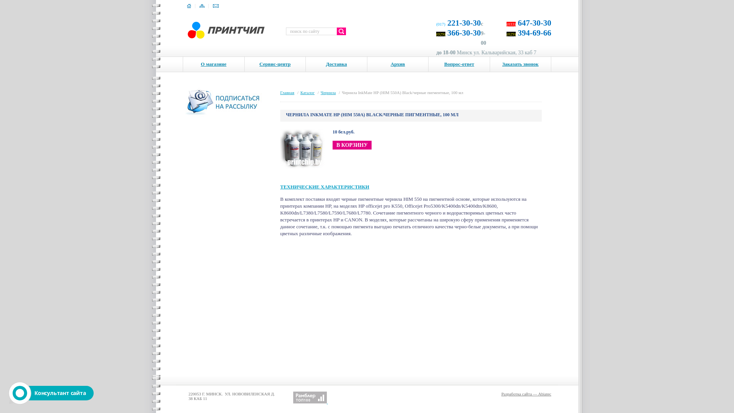 The image size is (734, 413). What do you see at coordinates (310, 397) in the screenshot?
I see `'Rambler's Top100'` at bounding box center [310, 397].